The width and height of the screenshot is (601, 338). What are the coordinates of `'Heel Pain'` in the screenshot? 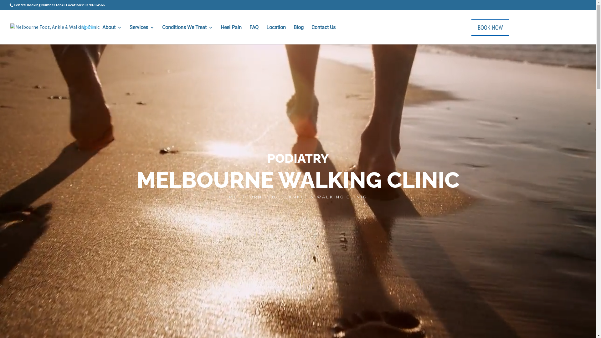 It's located at (231, 34).